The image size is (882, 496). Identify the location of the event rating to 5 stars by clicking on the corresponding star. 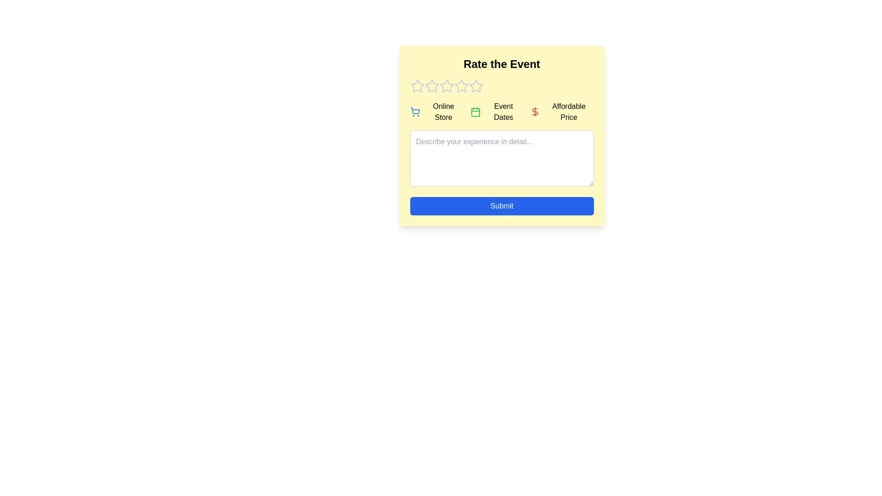
(476, 86).